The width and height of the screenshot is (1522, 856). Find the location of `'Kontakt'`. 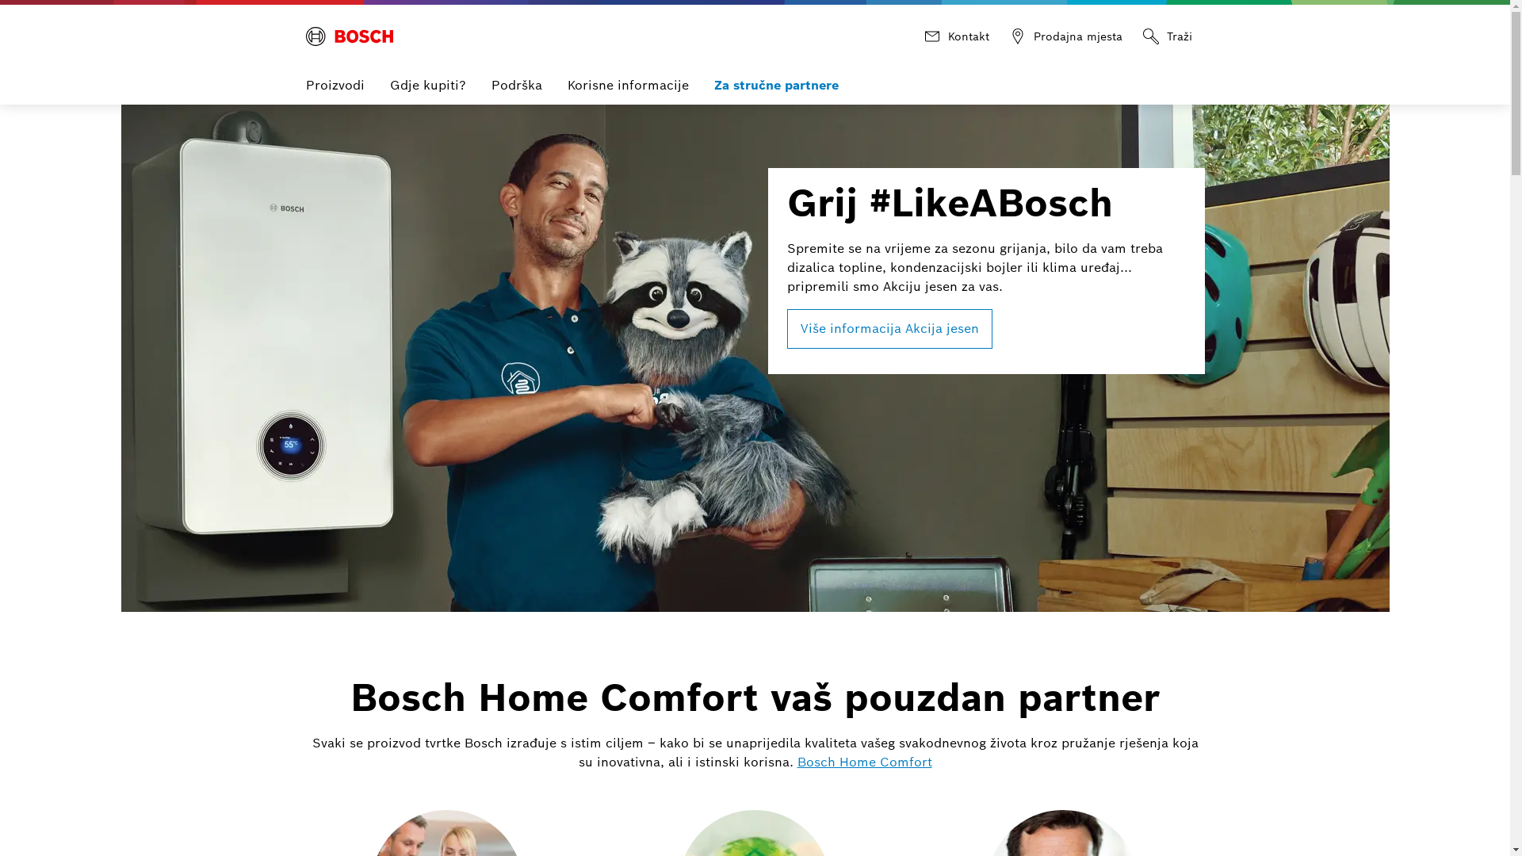

'Kontakt' is located at coordinates (916, 36).